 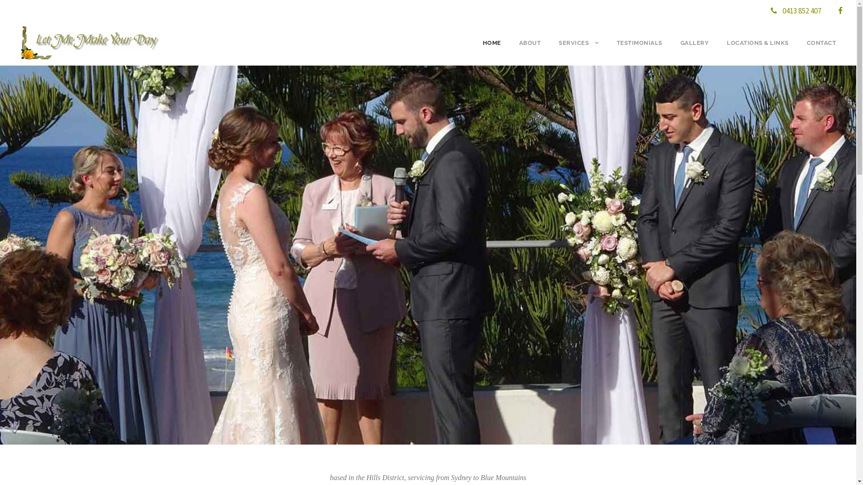 I want to click on 'SERVICES', so click(x=578, y=50).